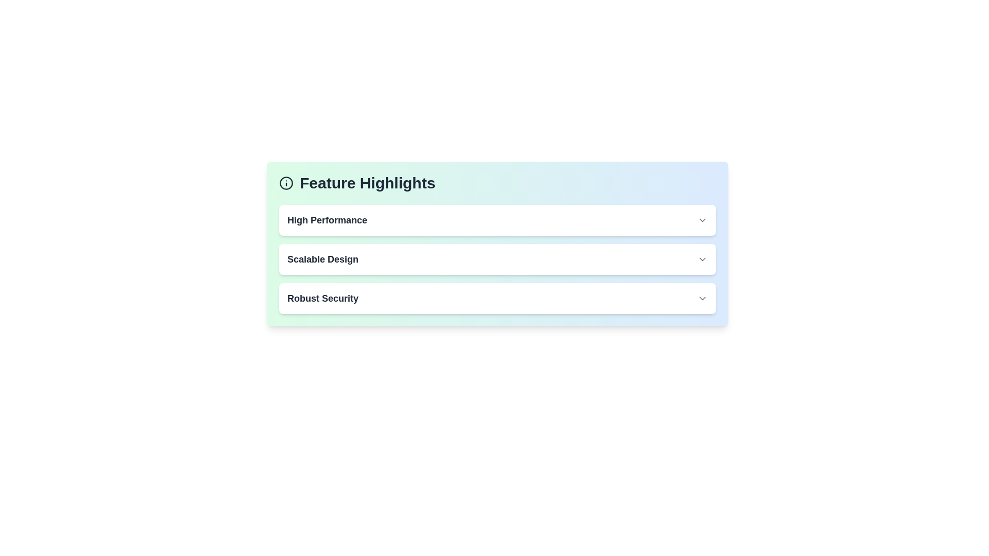  What do you see at coordinates (702, 259) in the screenshot?
I see `the Dropdown Toggle Icon located in the upper-right corner of the 'Scalable Design' block within the 'Feature Highlights' list` at bounding box center [702, 259].